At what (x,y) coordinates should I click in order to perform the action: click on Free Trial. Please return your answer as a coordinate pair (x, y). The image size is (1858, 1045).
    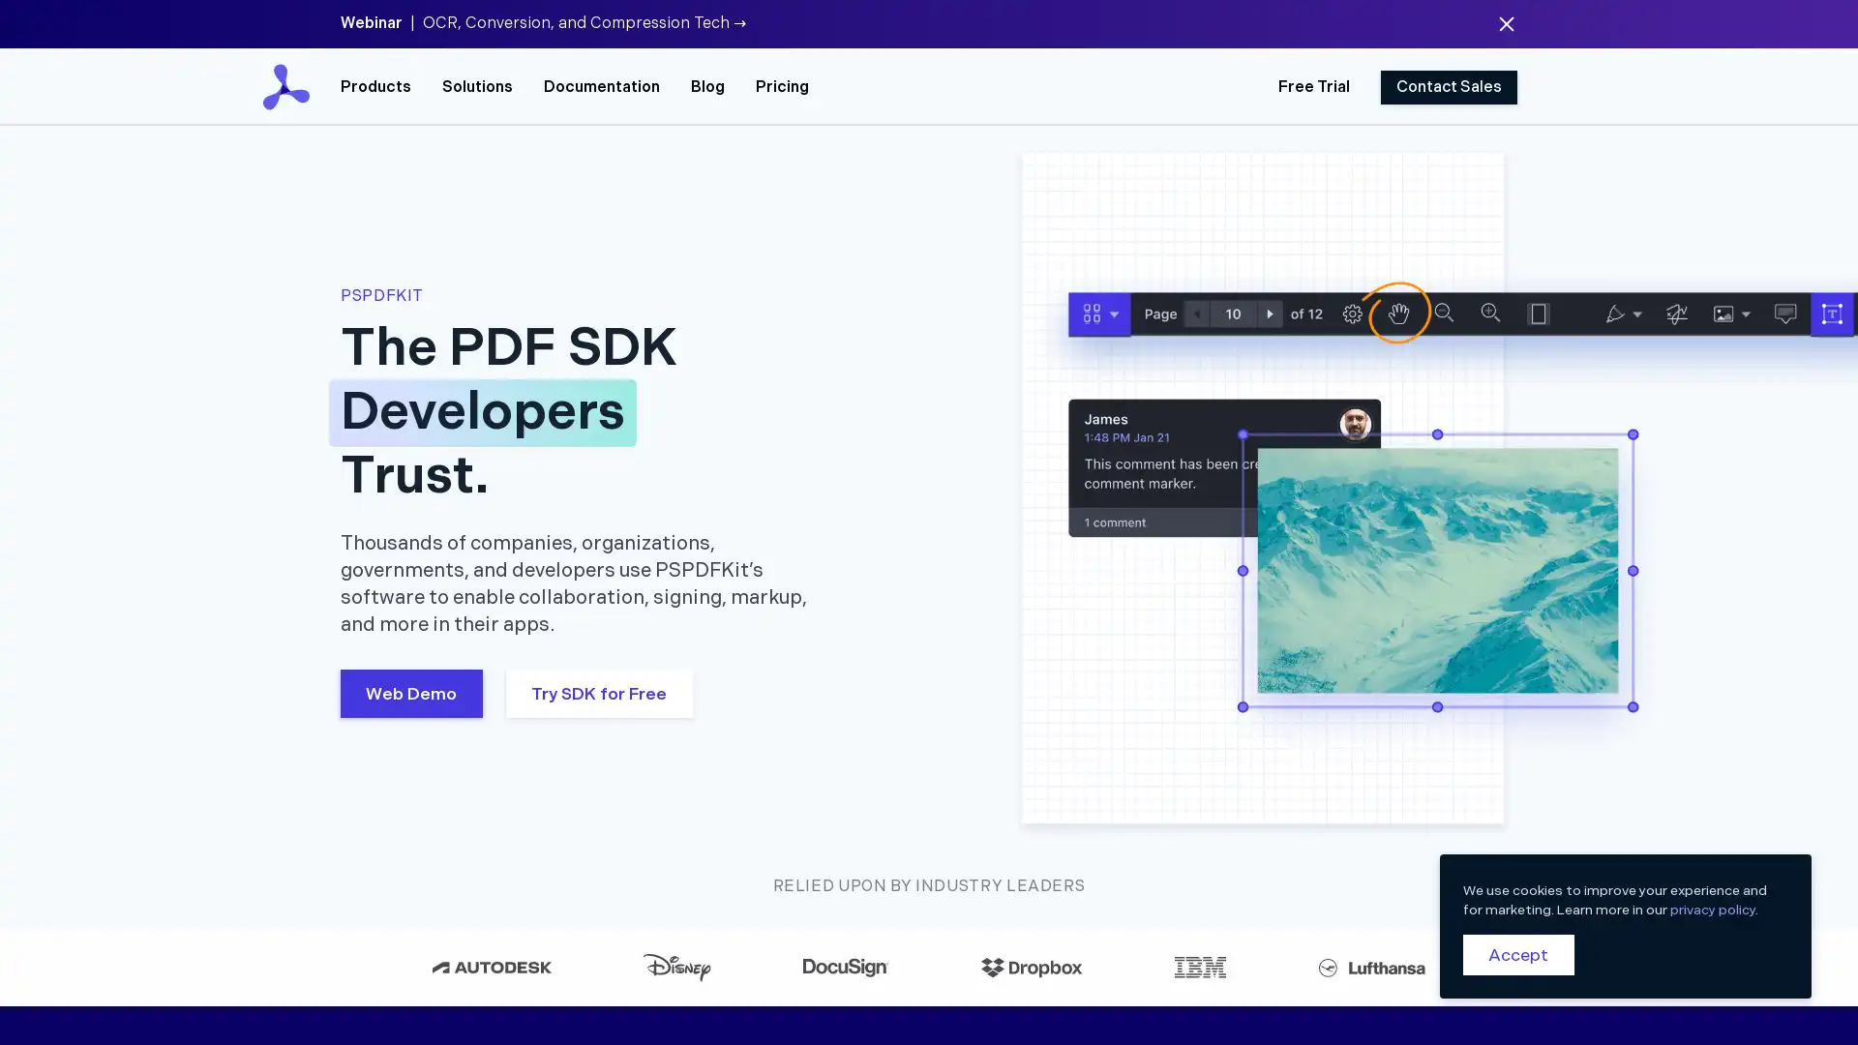
    Looking at the image, I should click on (1314, 85).